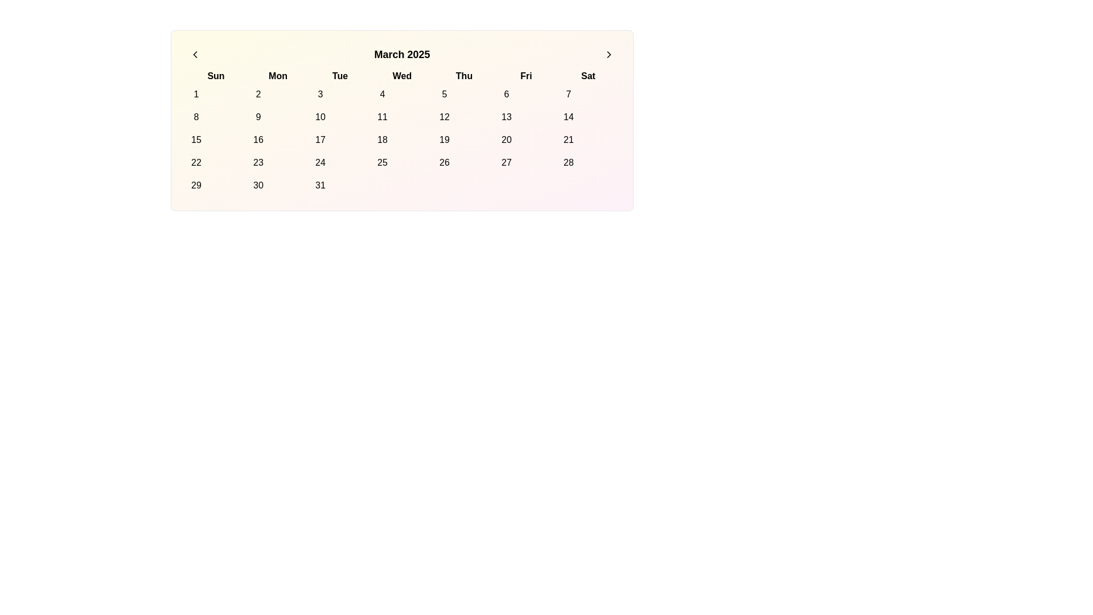 This screenshot has width=1093, height=615. What do you see at coordinates (444, 162) in the screenshot?
I see `the selectable date button for 26th March 2025, located in the sixth column under 'Thu' in the calendar interface` at bounding box center [444, 162].